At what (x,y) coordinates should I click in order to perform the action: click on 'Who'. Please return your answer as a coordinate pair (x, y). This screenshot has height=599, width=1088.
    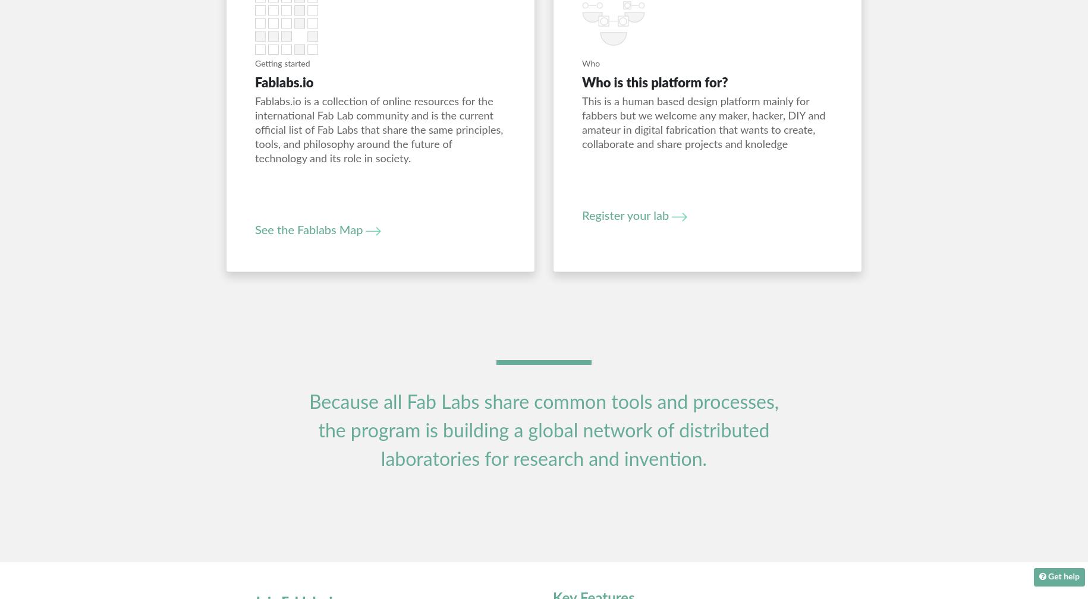
    Looking at the image, I should click on (590, 64).